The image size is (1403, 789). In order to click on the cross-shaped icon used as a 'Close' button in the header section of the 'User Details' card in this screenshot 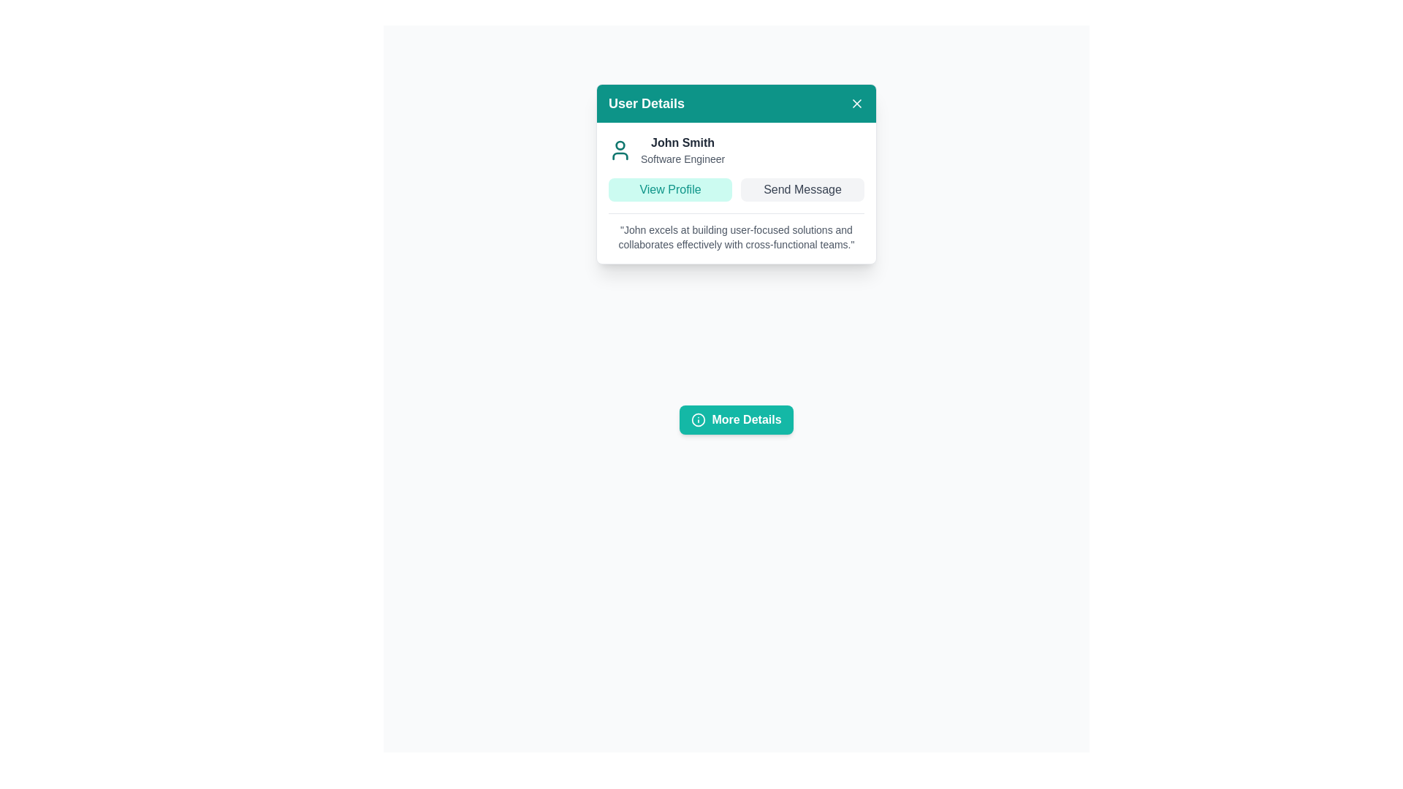, I will do `click(856, 103)`.